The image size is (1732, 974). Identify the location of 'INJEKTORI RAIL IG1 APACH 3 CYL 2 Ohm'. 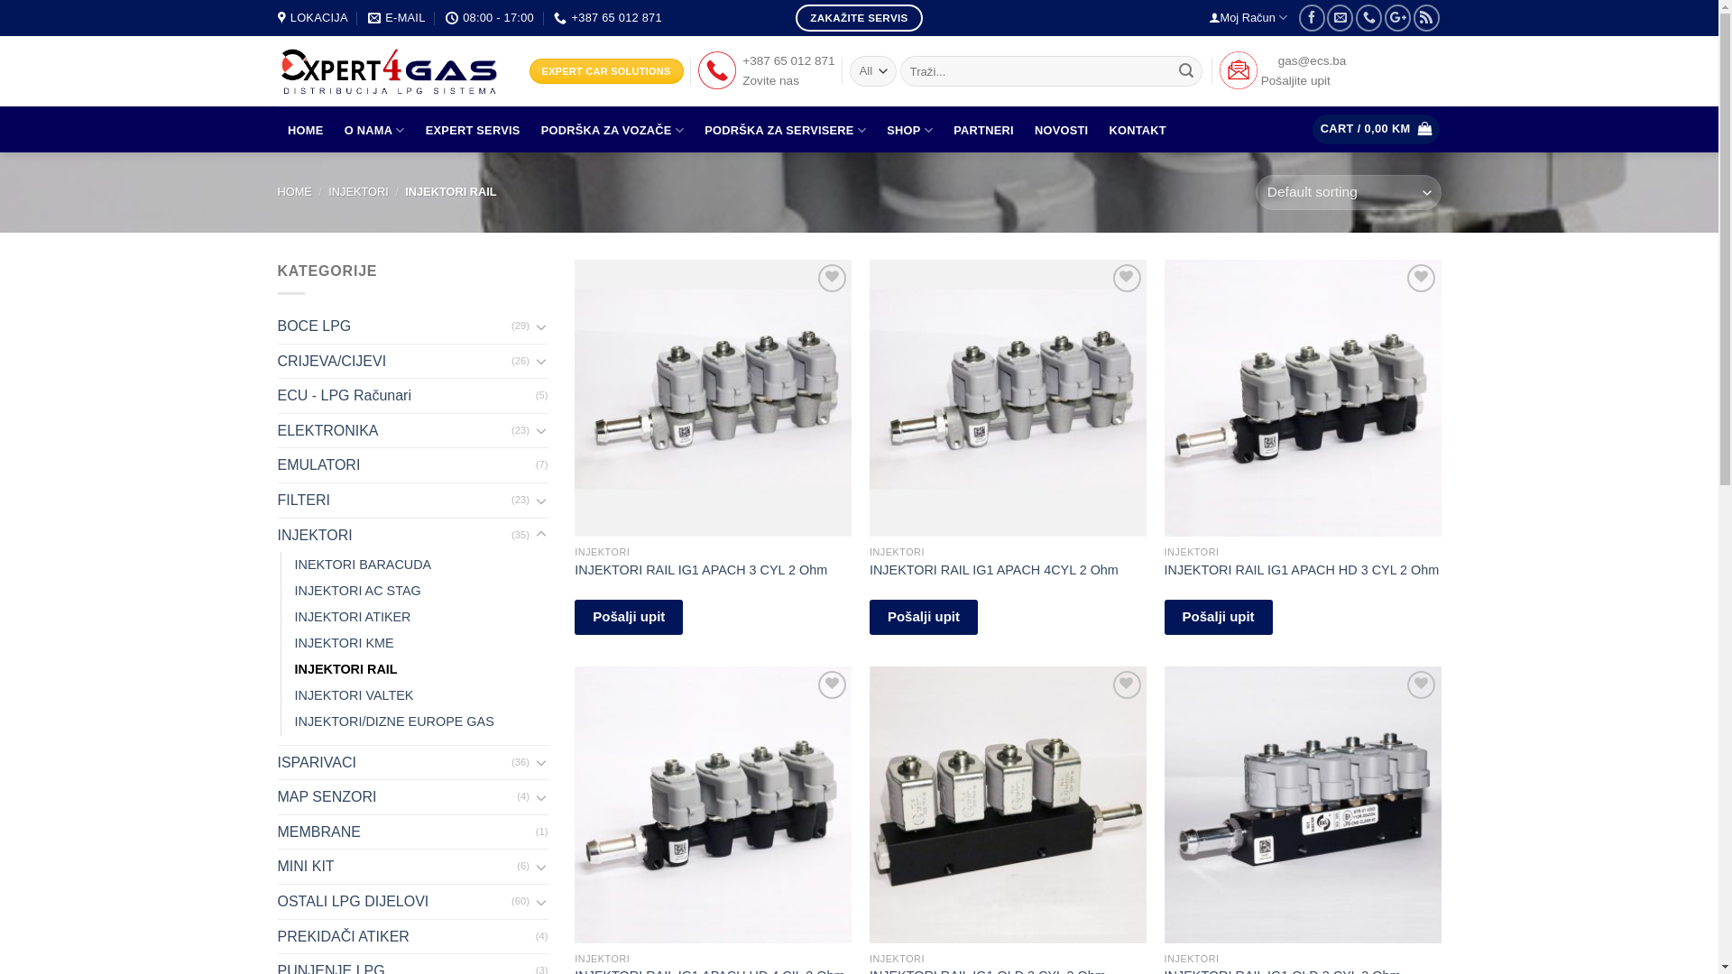
(700, 570).